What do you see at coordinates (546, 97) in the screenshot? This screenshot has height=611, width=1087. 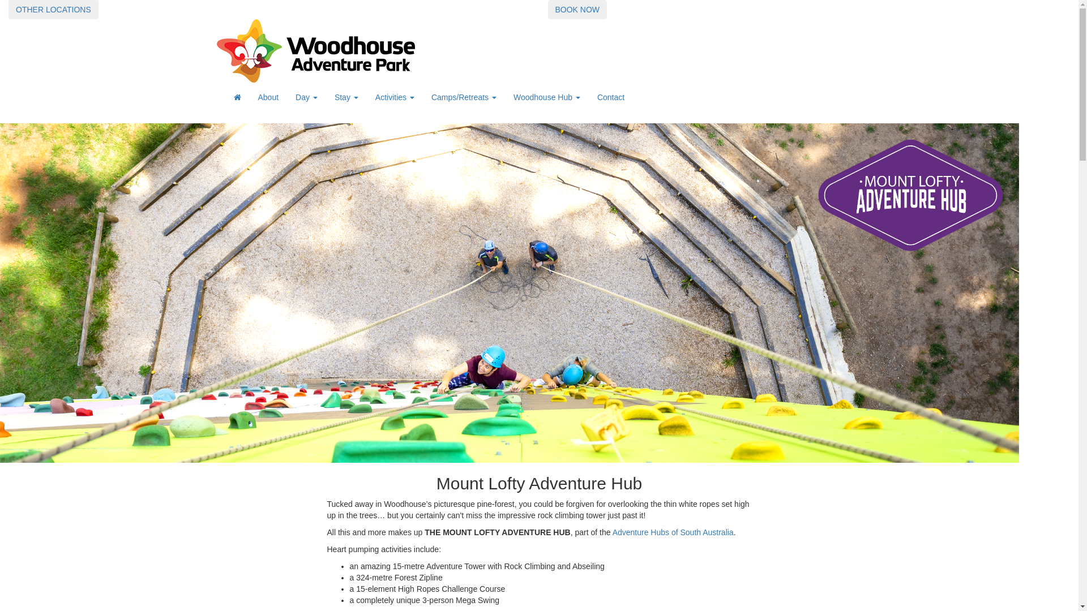 I see `'Woodhouse Hub'` at bounding box center [546, 97].